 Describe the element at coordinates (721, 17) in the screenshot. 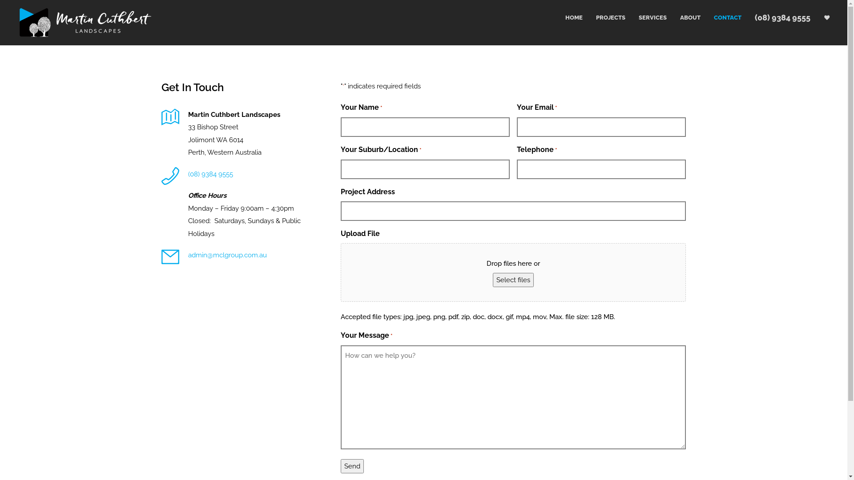

I see `'CONTACT'` at that location.